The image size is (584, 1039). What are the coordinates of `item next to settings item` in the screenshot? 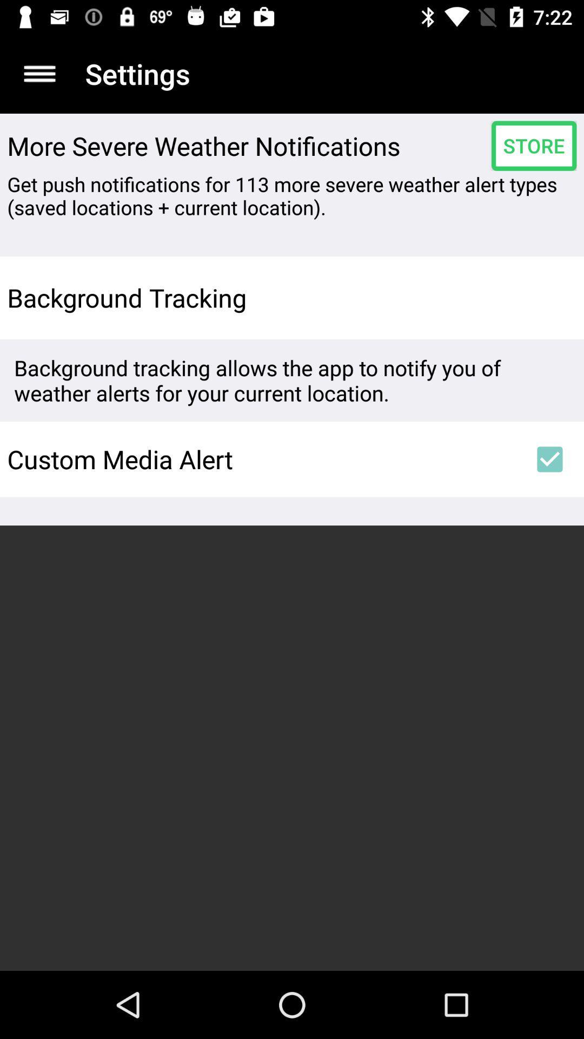 It's located at (39, 73).